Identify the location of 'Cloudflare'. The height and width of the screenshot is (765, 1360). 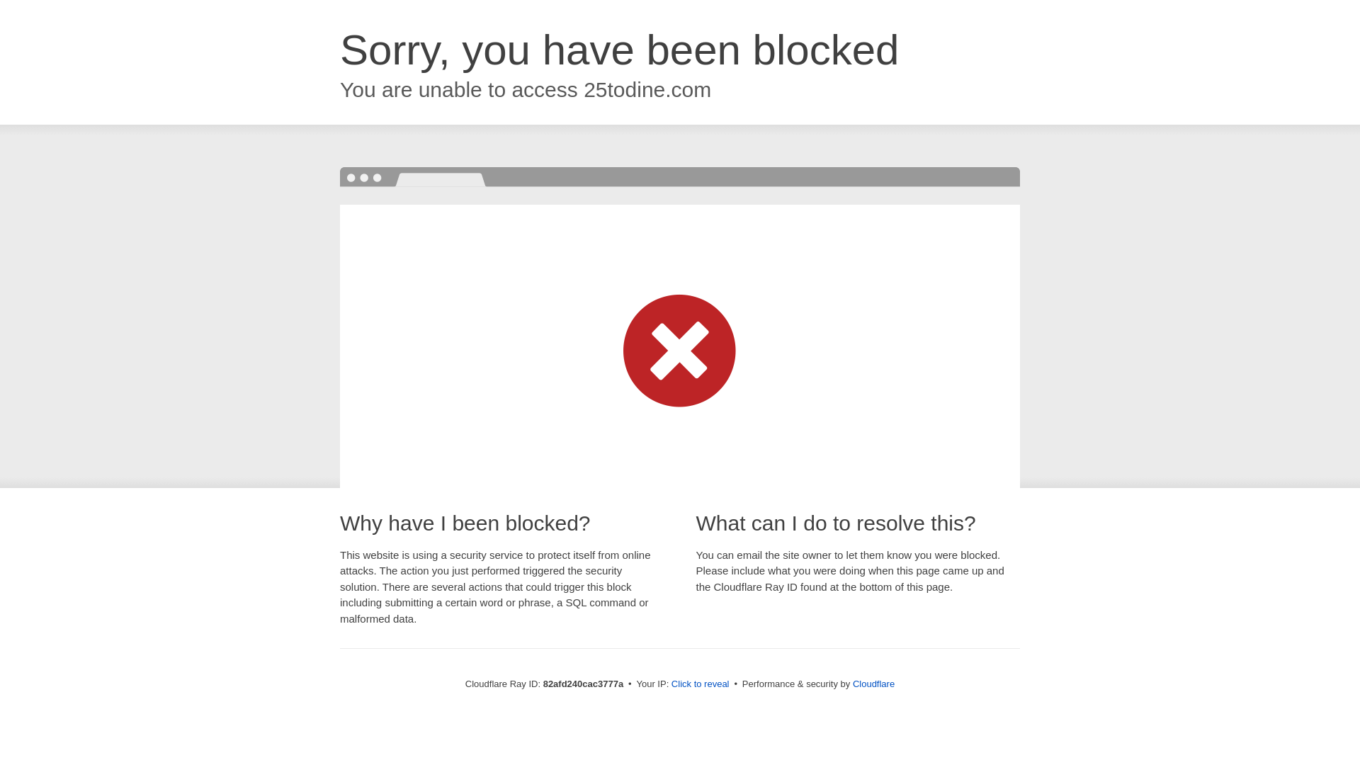
(873, 683).